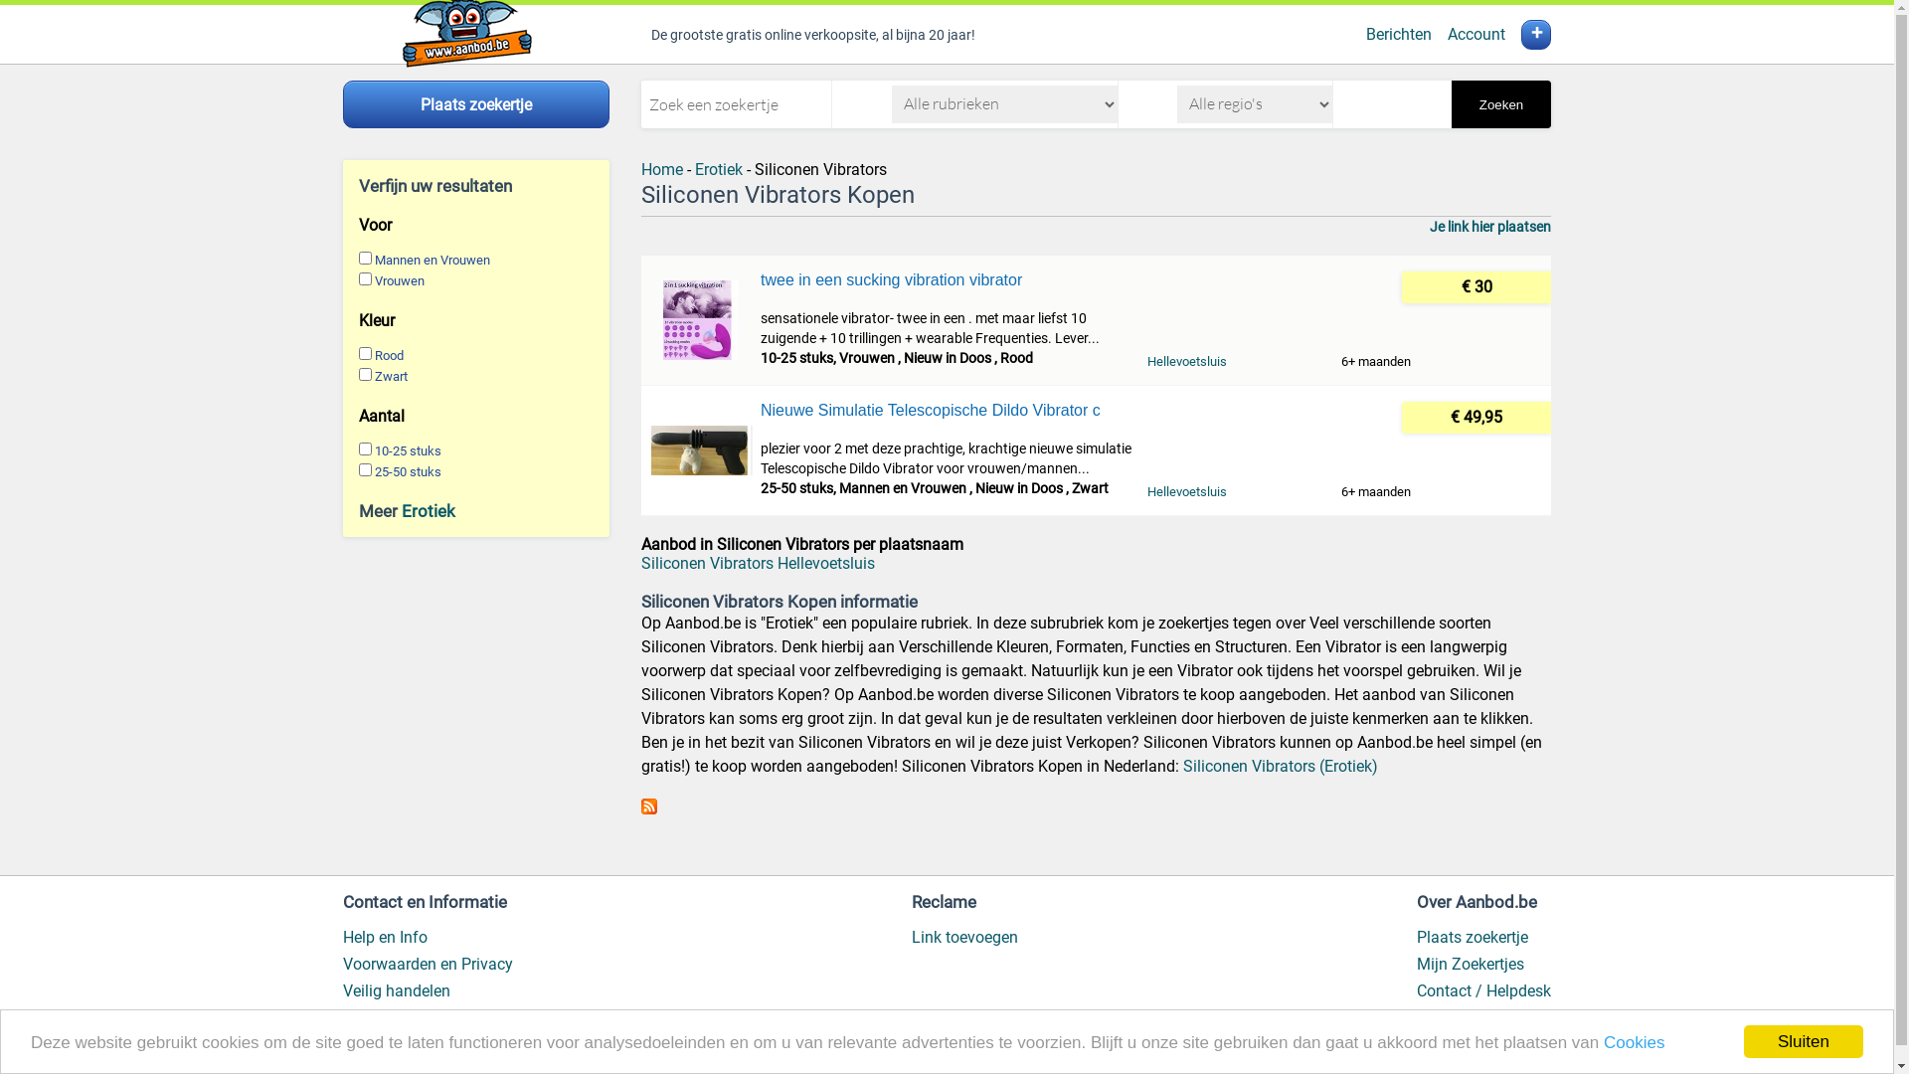 This screenshot has height=1074, width=1909. I want to click on 'Mijn Zoekertjes', so click(1470, 963).